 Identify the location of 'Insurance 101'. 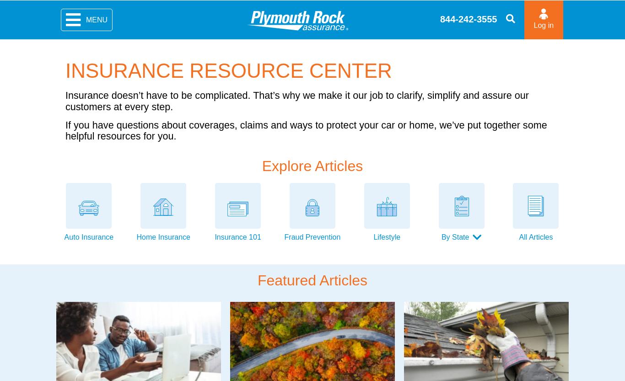
(237, 236).